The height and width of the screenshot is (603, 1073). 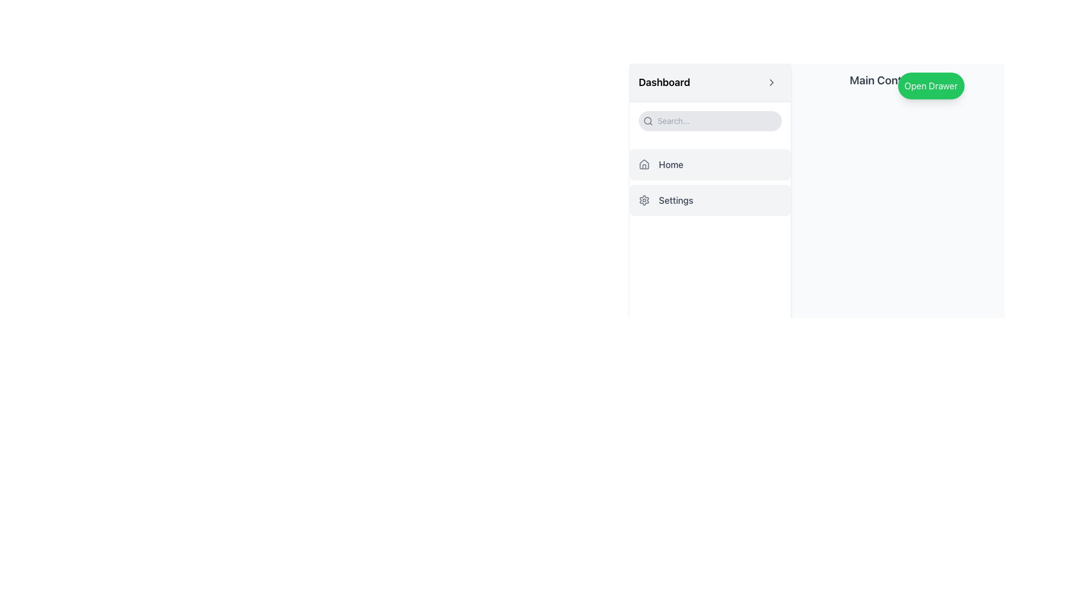 I want to click on the house icon in the sidebar menu under the 'Home' label, so click(x=644, y=164).